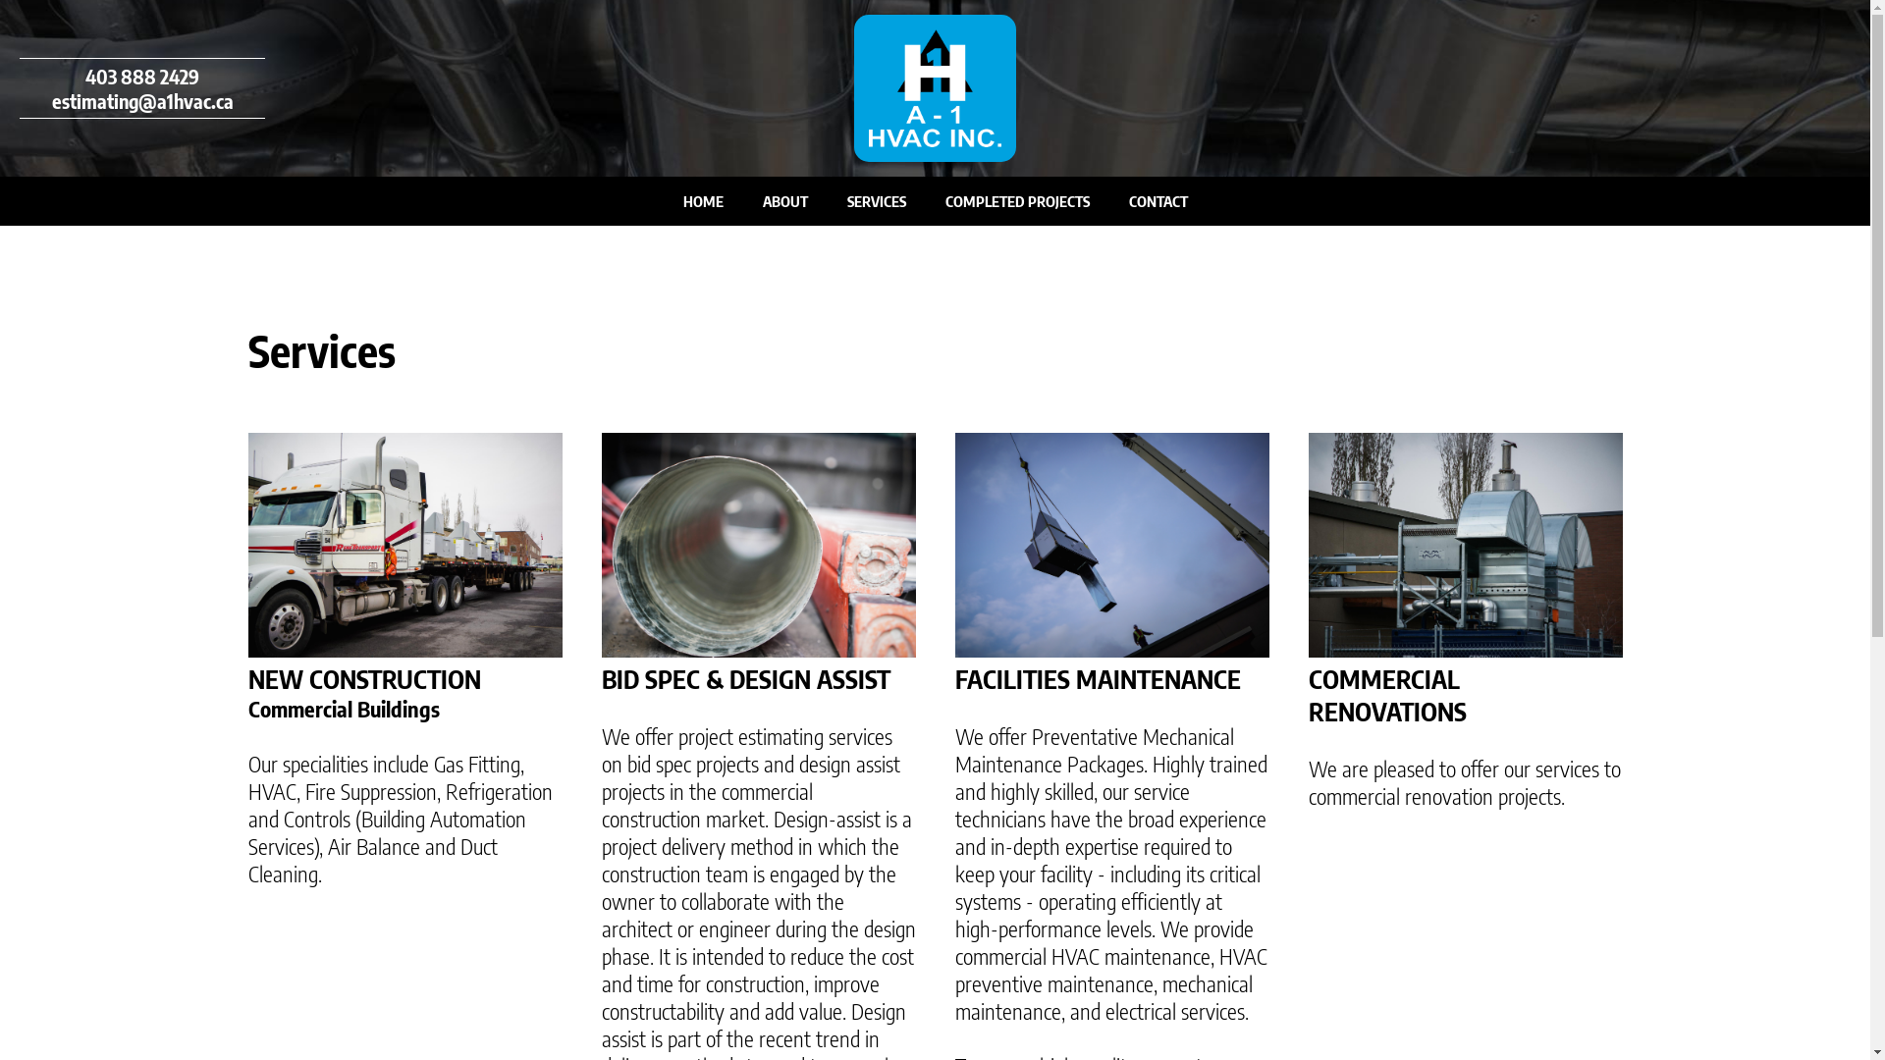  What do you see at coordinates (1016, 200) in the screenshot?
I see `'COMPLETED PROJECTS'` at bounding box center [1016, 200].